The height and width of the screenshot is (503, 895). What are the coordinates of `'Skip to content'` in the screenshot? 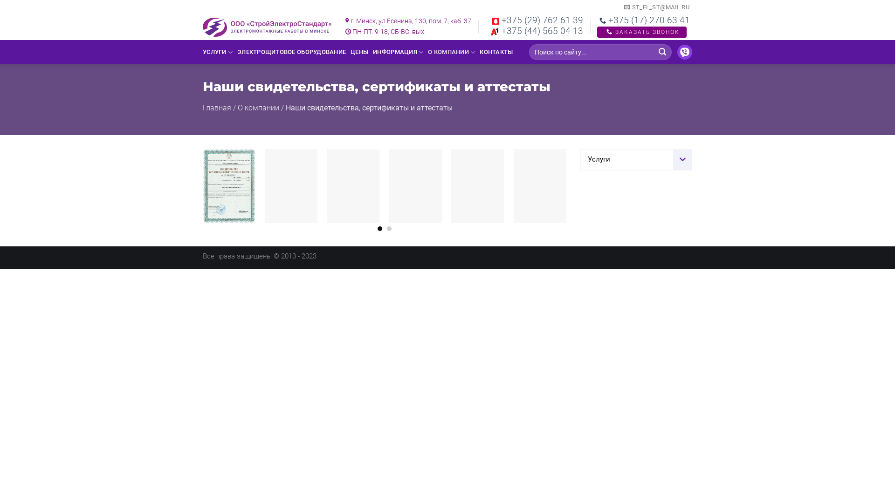 It's located at (0, 0).